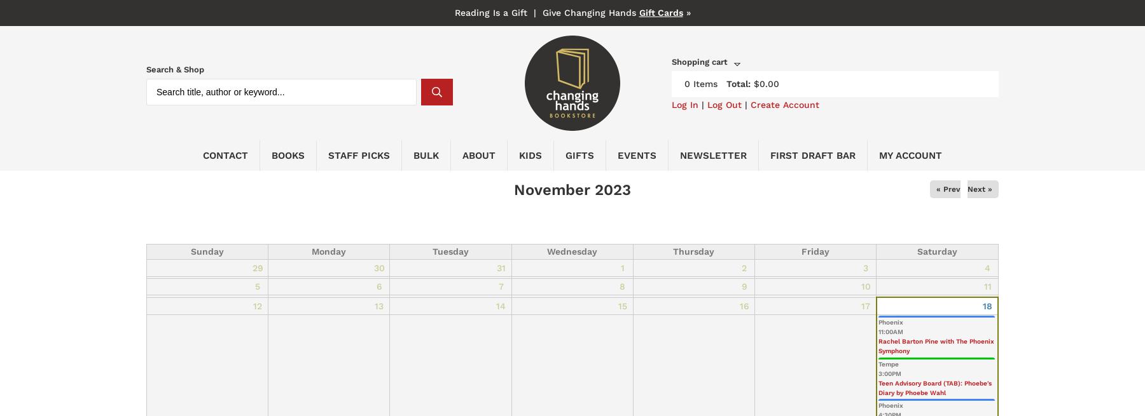  What do you see at coordinates (450, 251) in the screenshot?
I see `'Tuesday'` at bounding box center [450, 251].